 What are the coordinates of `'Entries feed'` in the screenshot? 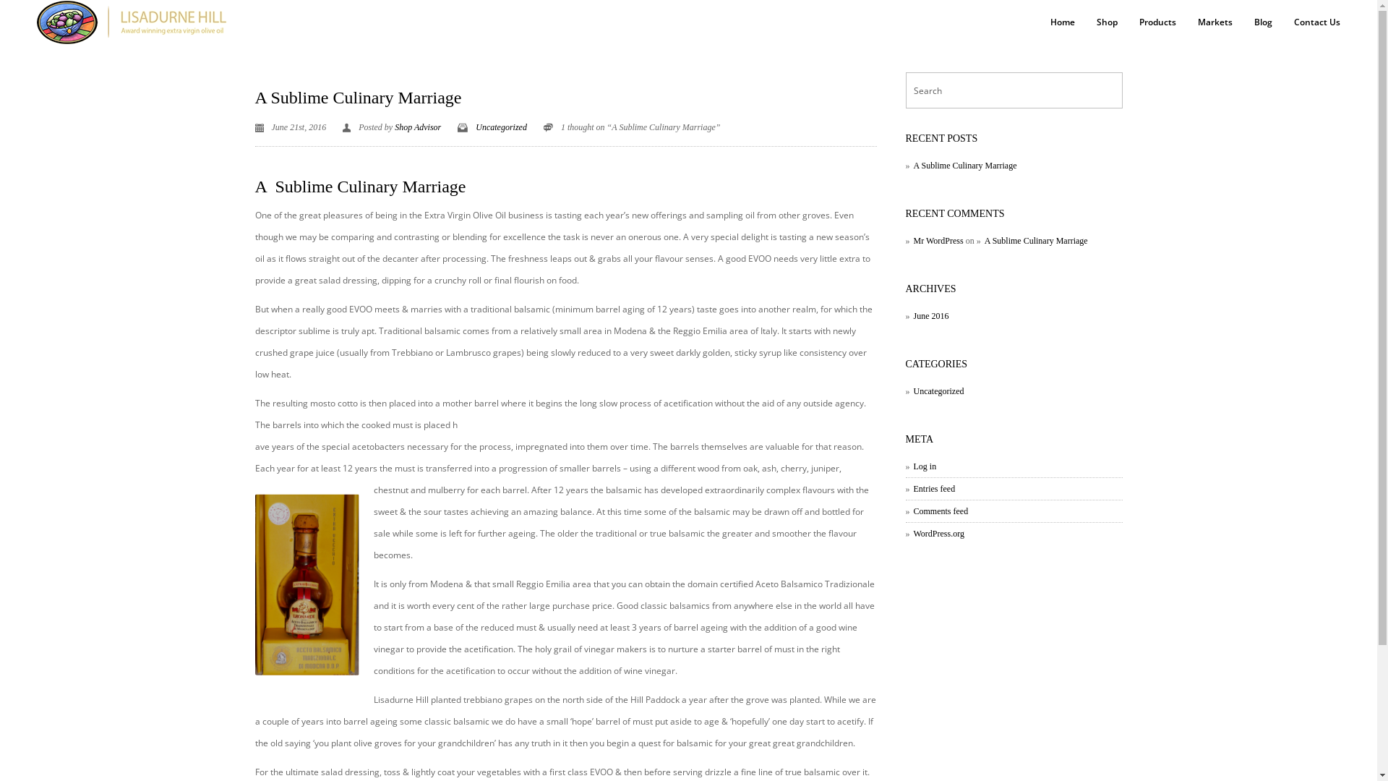 It's located at (930, 488).